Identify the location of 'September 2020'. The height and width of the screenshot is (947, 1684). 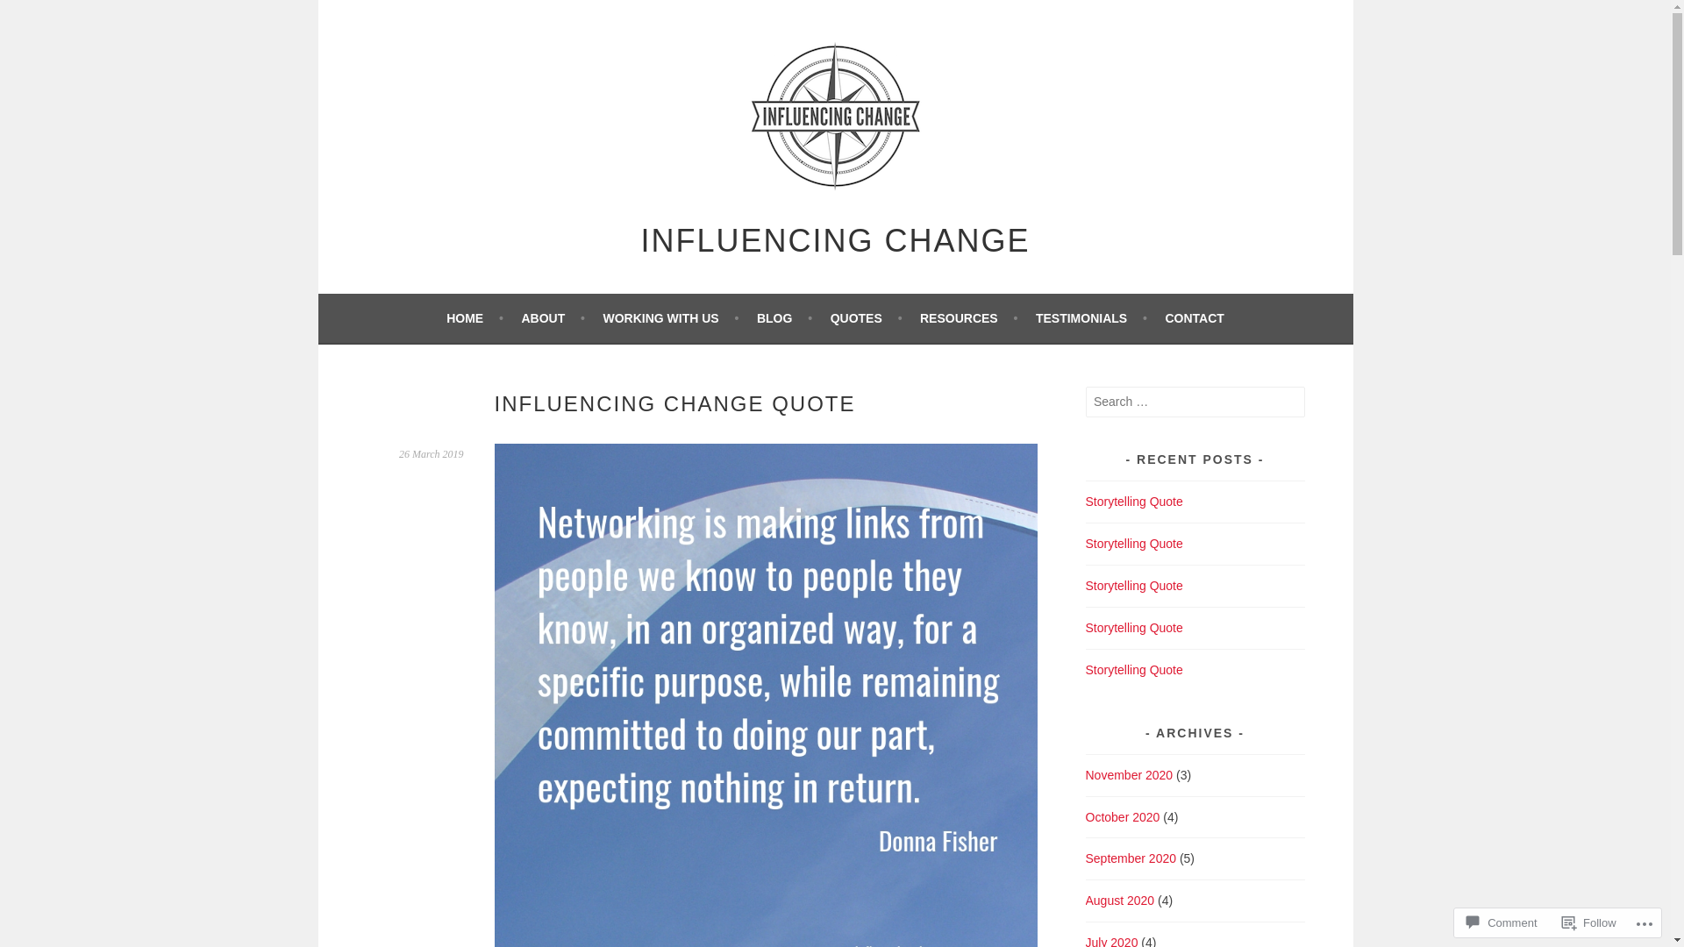
(1131, 858).